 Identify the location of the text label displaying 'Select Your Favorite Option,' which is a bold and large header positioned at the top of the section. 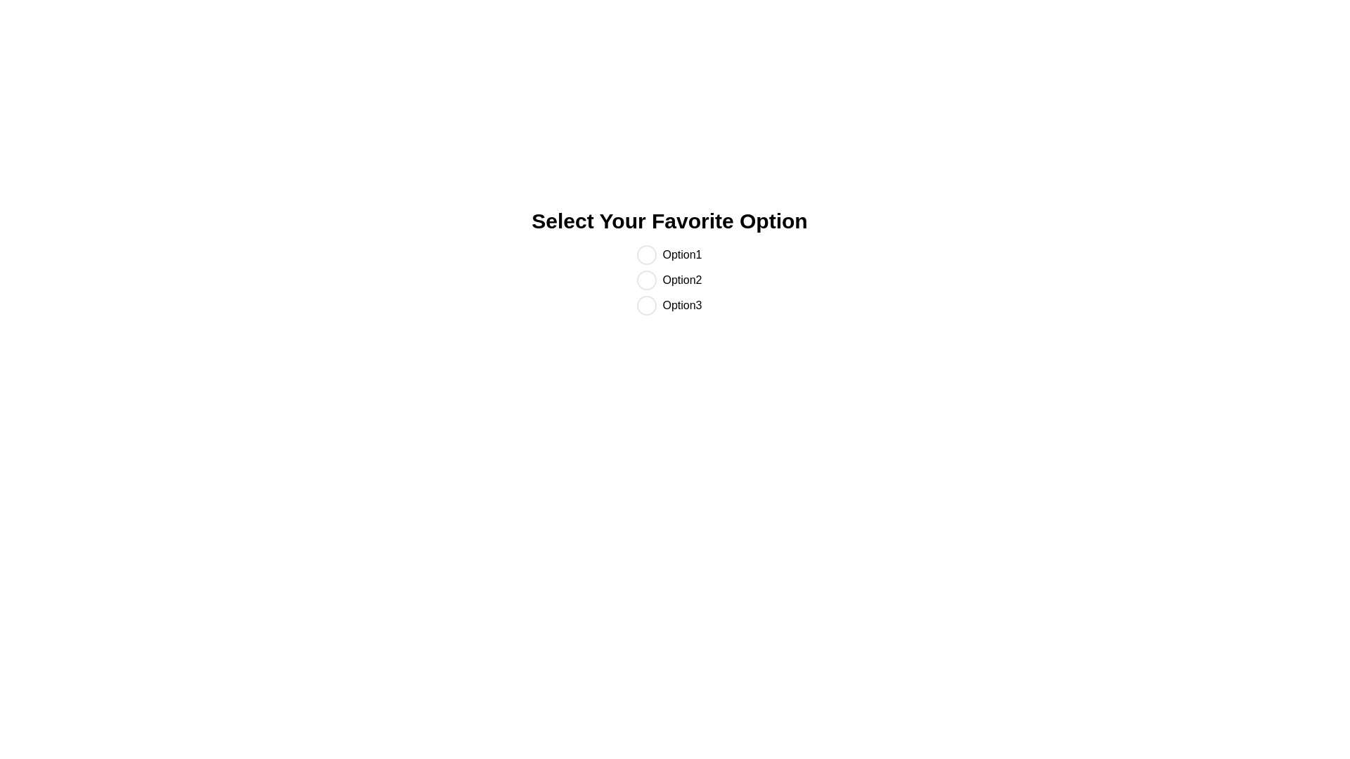
(669, 221).